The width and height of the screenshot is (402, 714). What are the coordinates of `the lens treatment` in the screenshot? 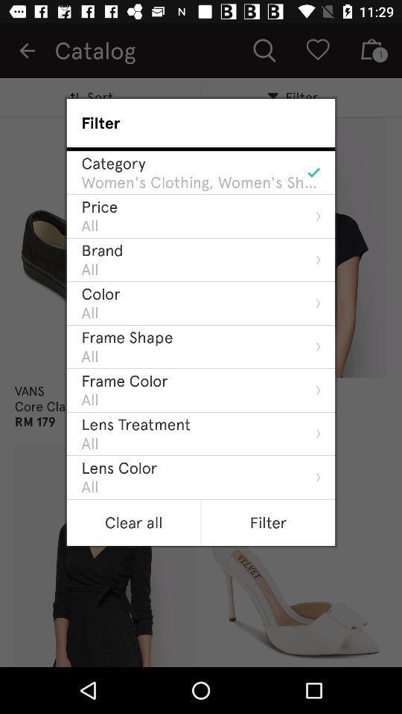 It's located at (135, 424).